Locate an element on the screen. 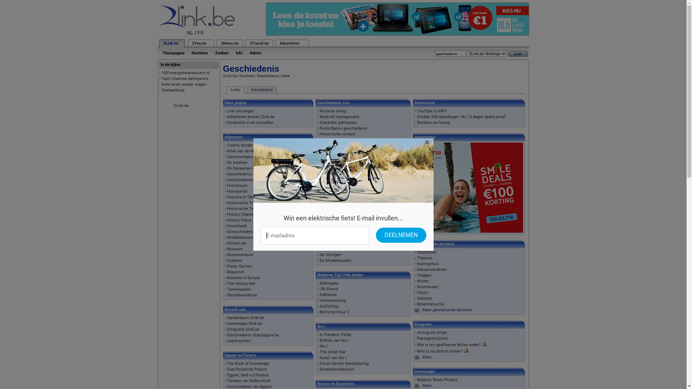 Image resolution: width=692 pixels, height=389 pixels. 'Pieter Serrien' is located at coordinates (239, 266).